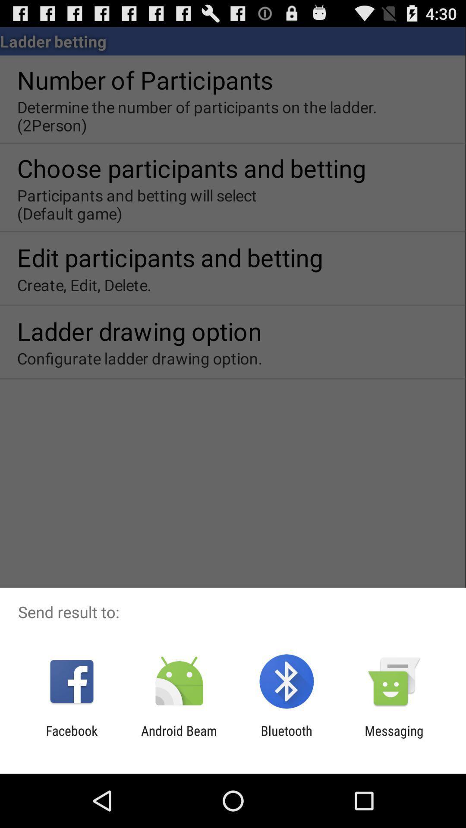  I want to click on facebook, so click(71, 738).